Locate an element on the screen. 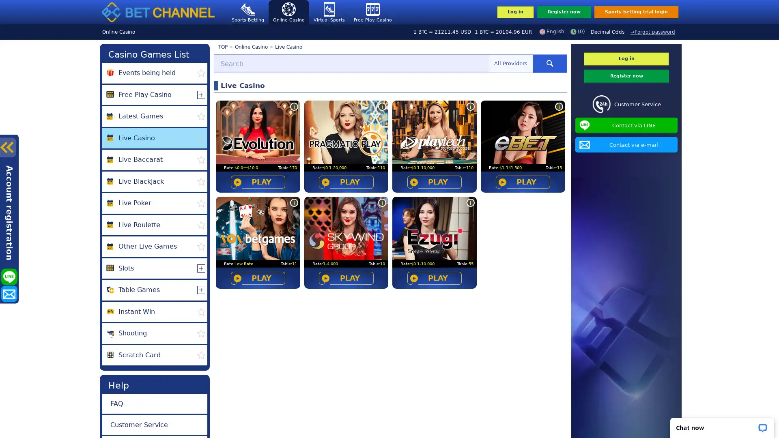 The height and width of the screenshot is (438, 779). PLAY is located at coordinates (523, 181).